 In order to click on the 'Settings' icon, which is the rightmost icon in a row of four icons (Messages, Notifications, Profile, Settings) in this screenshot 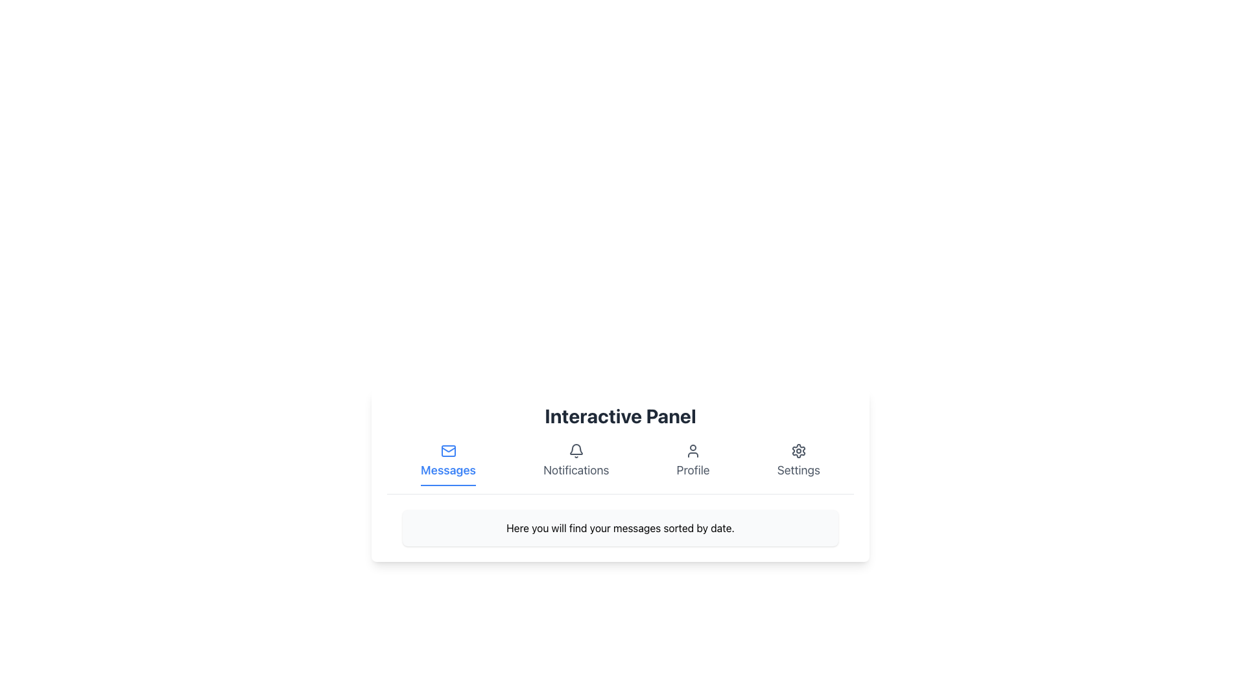, I will do `click(798, 450)`.